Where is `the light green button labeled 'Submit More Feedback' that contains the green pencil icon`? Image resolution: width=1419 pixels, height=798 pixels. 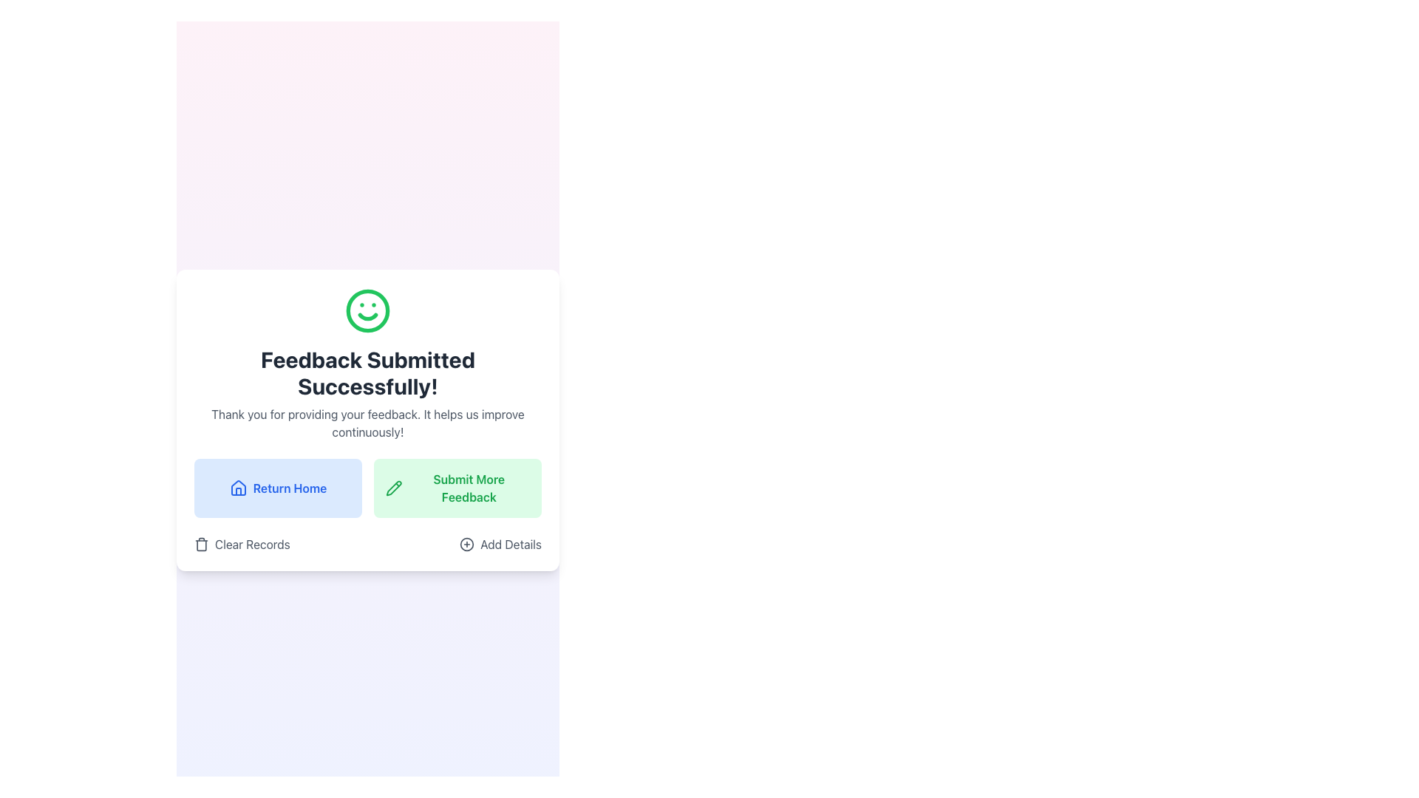 the light green button labeled 'Submit More Feedback' that contains the green pencil icon is located at coordinates (394, 488).